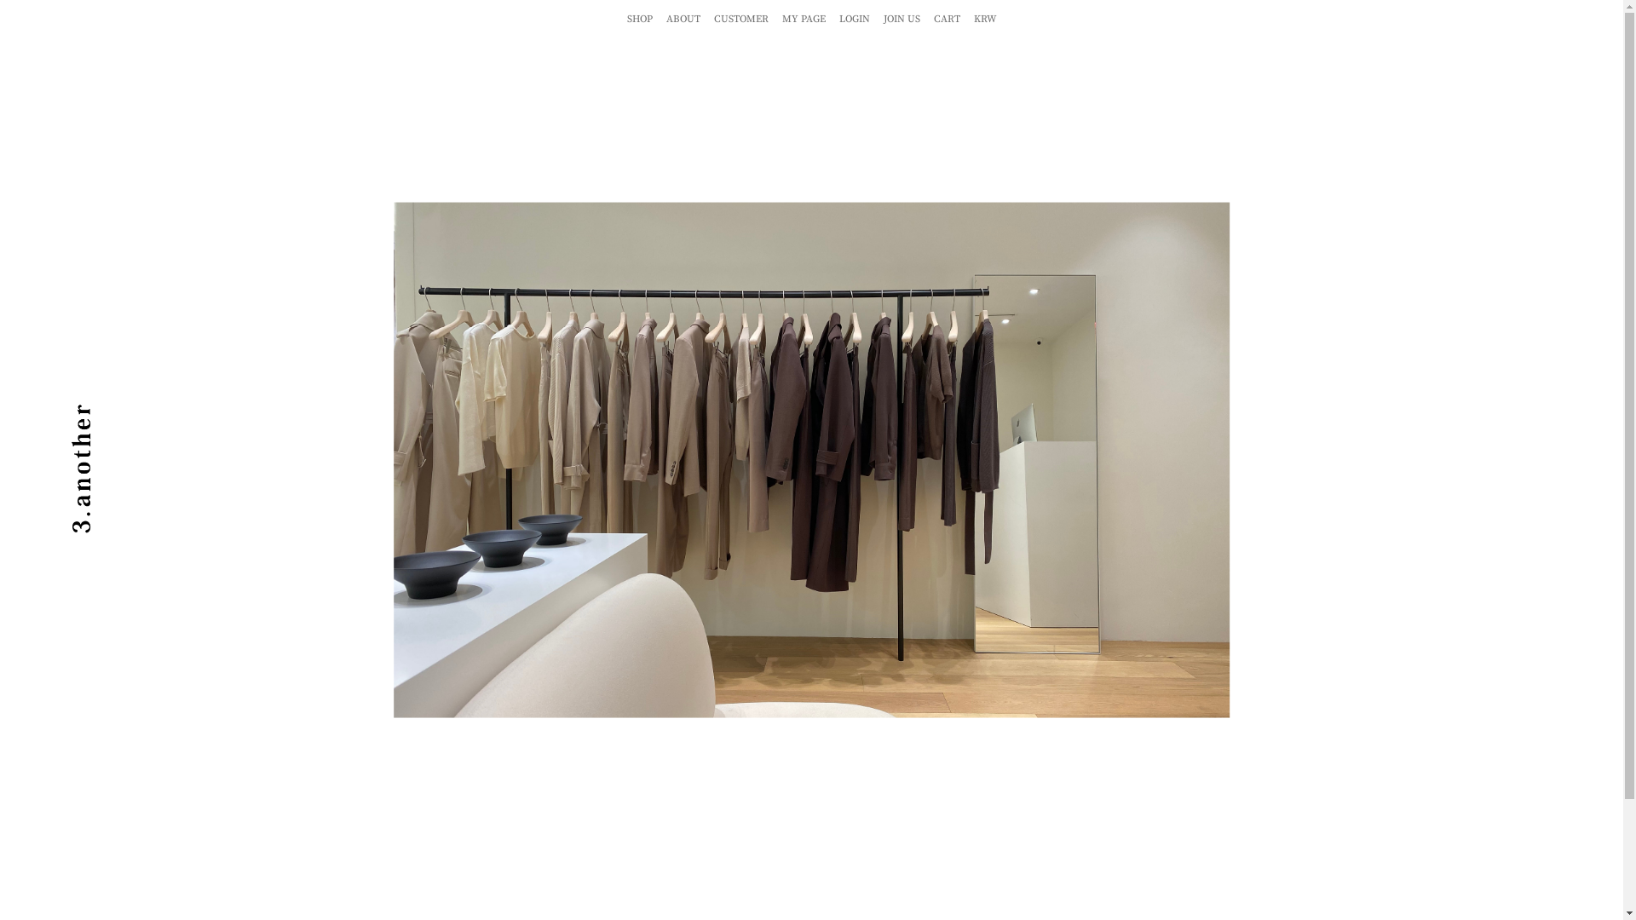  What do you see at coordinates (900, 19) in the screenshot?
I see `'JOIN US'` at bounding box center [900, 19].